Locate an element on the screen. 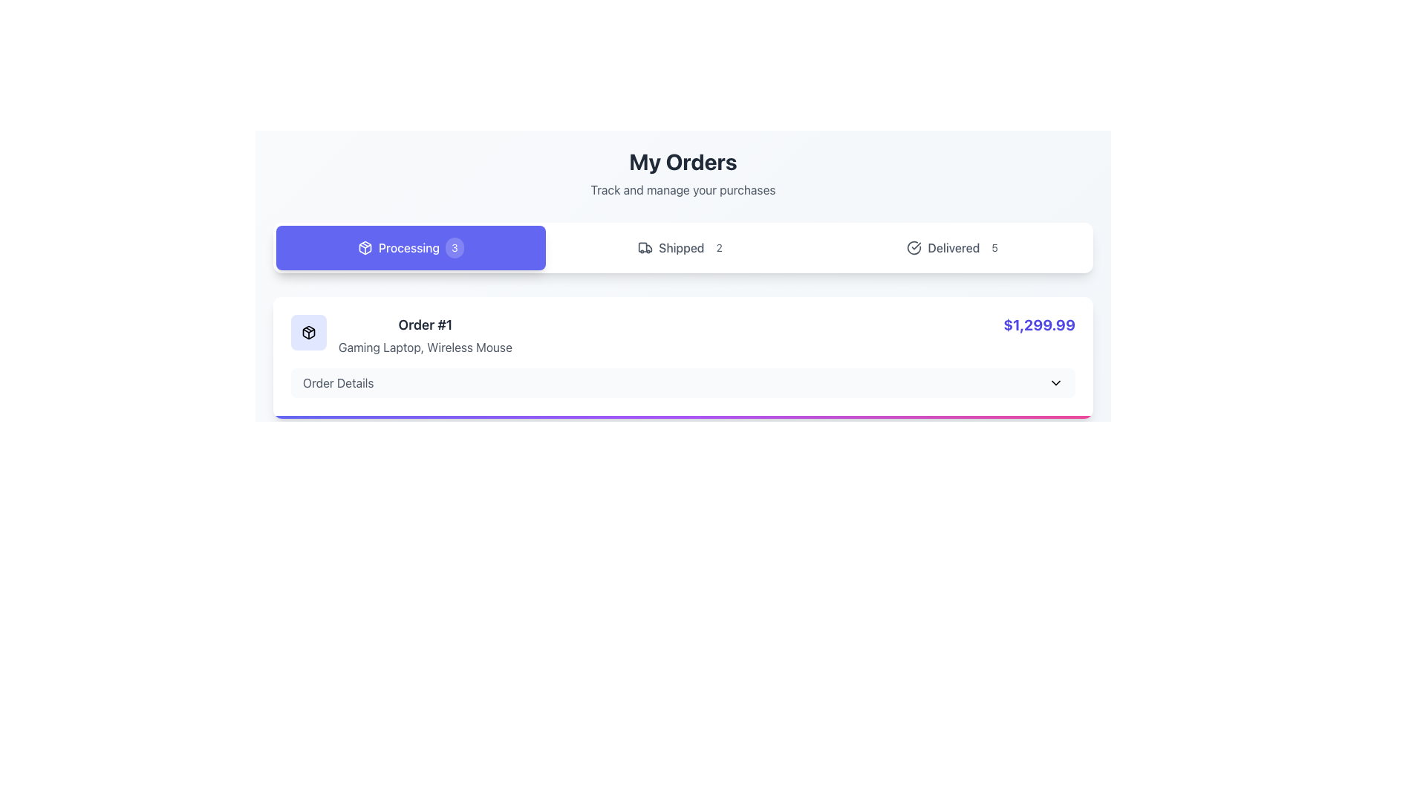  the Text element displaying the price of the items associated with the order, located on the right side of the order overview, following the text 'Gaming Laptop, Wireless Mouse' is located at coordinates (1038, 325).